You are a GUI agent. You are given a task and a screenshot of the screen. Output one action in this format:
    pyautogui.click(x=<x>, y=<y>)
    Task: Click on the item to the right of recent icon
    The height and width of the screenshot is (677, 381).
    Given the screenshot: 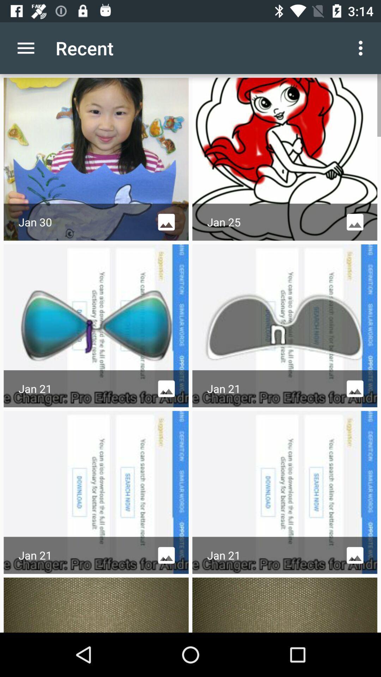 What is the action you would take?
    pyautogui.click(x=362, y=48)
    